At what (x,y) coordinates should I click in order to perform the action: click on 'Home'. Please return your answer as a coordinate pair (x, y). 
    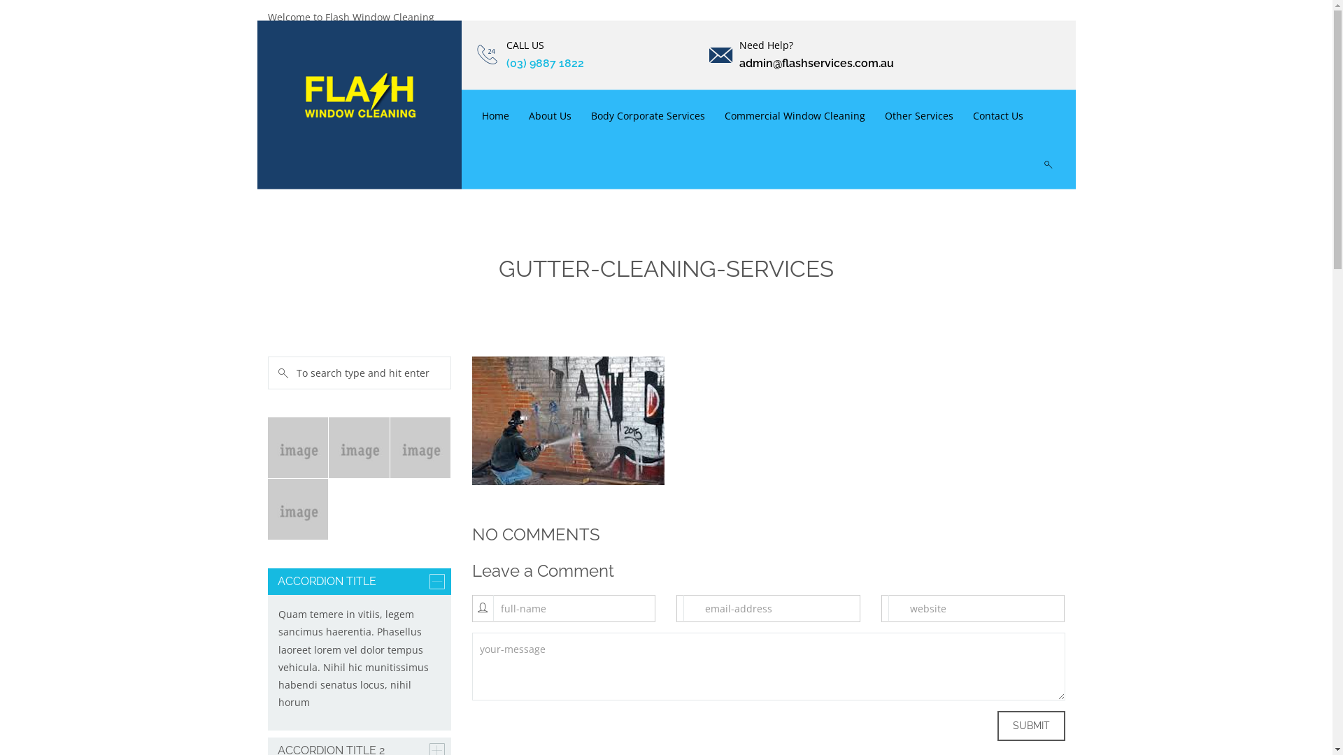
    Looking at the image, I should click on (472, 114).